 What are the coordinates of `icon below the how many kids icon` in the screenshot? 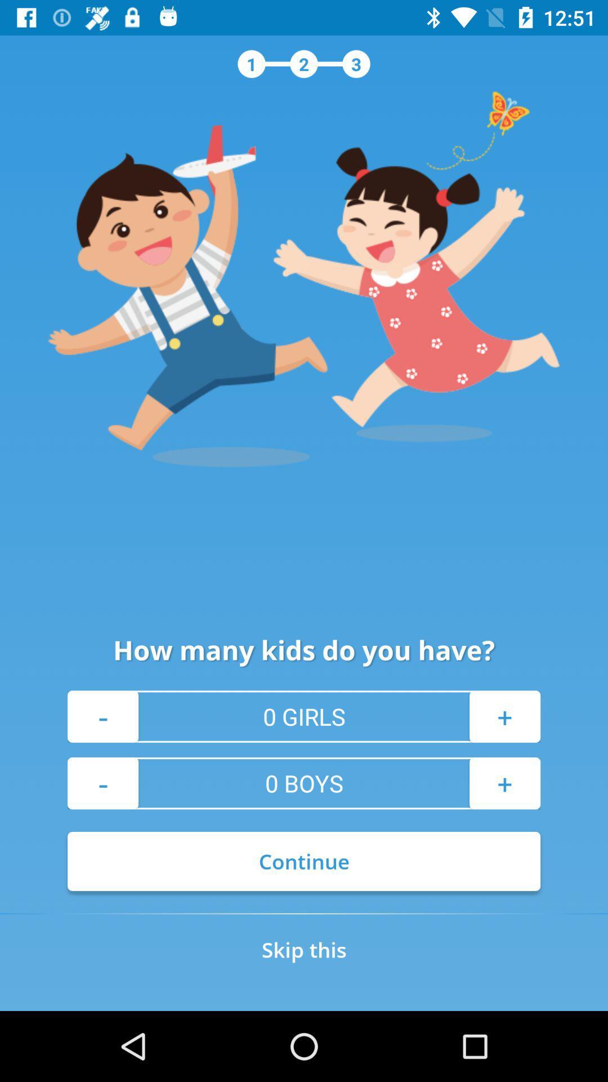 It's located at (102, 716).